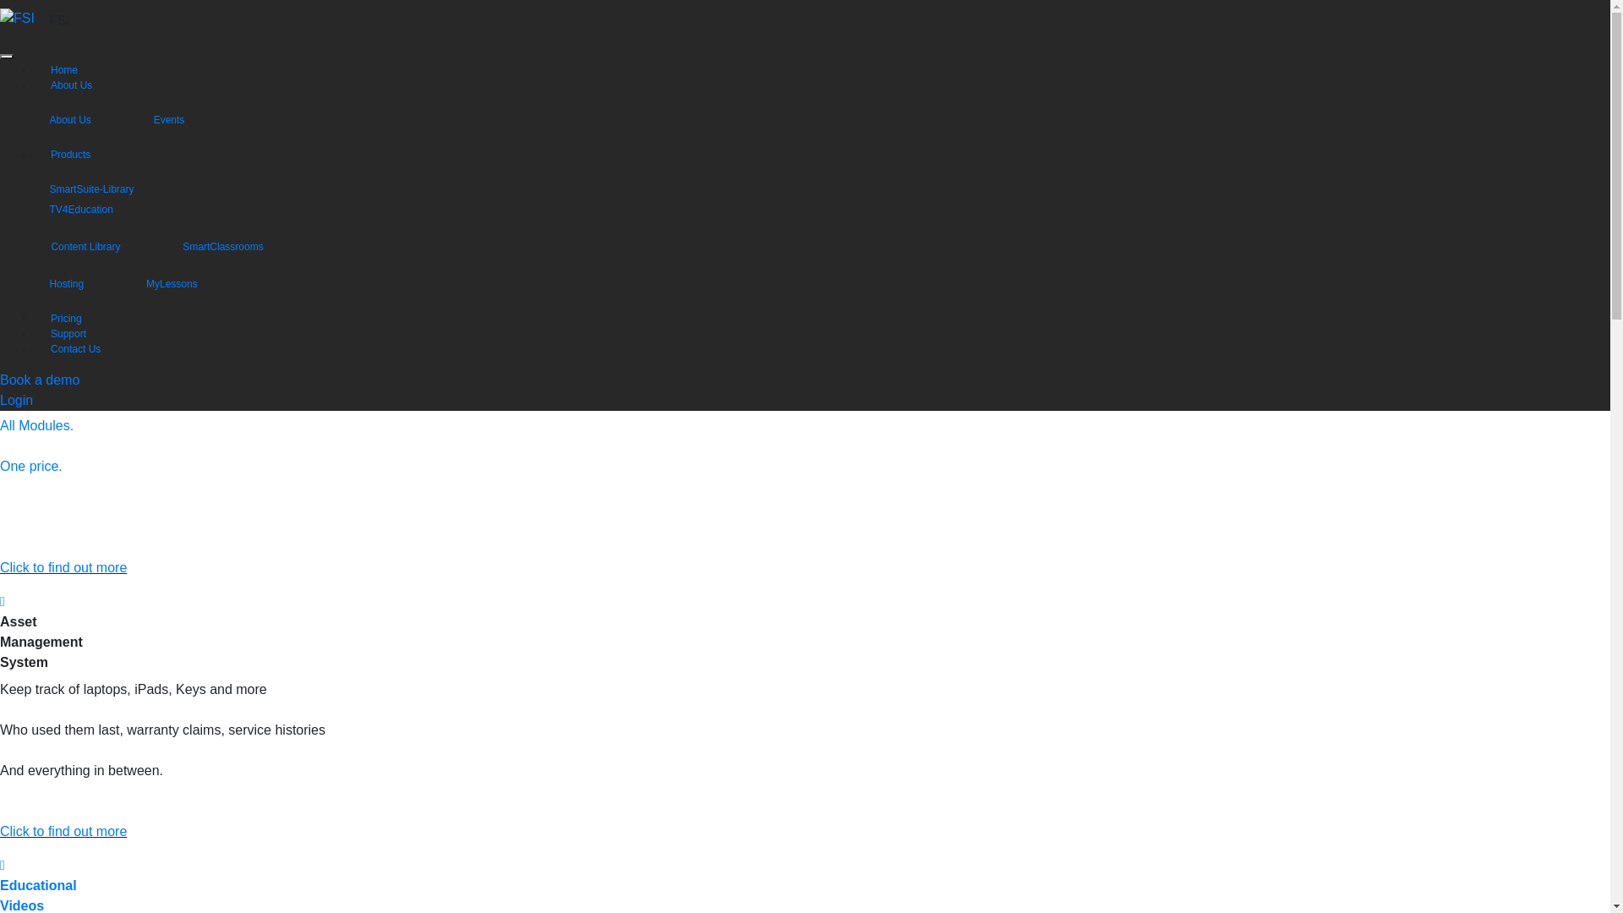  What do you see at coordinates (59, 20) in the screenshot?
I see `'FSI'` at bounding box center [59, 20].